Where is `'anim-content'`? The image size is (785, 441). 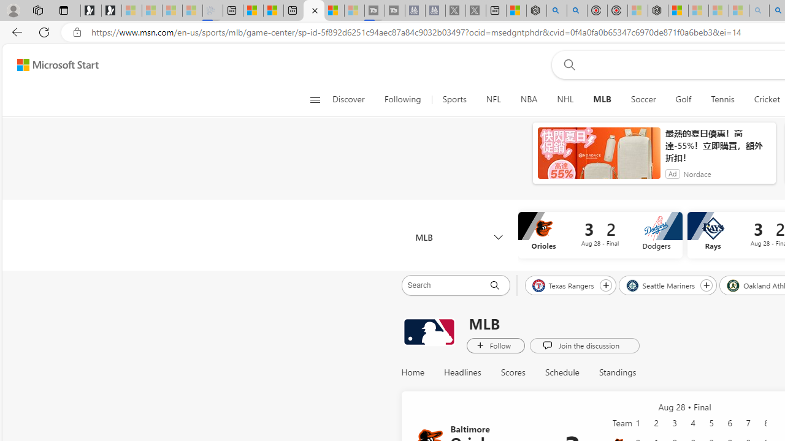 'anim-content' is located at coordinates (599, 157).